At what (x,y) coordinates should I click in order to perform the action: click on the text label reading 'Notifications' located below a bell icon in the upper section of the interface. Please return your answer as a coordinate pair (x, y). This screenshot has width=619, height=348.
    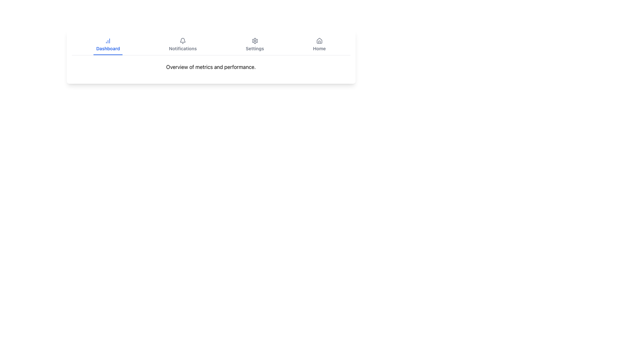
    Looking at the image, I should click on (182, 48).